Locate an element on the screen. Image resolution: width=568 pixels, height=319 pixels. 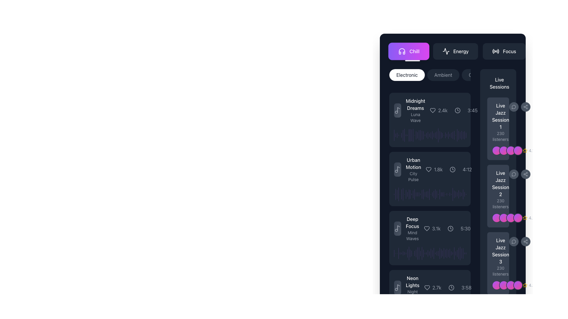
the 31st vertical bar in the row of waveform segments located in the 'Deep Focus' section at the bottom of the viewer interface is located at coordinates (445, 253).